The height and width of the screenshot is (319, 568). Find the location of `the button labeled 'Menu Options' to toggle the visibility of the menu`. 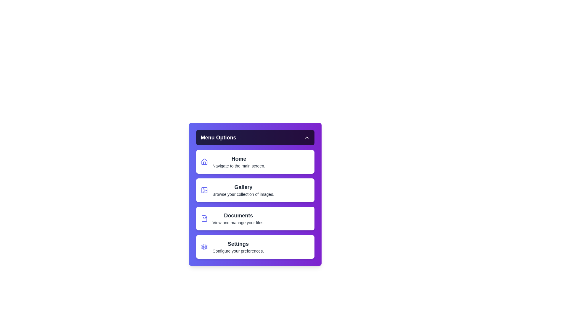

the button labeled 'Menu Options' to toggle the visibility of the menu is located at coordinates (255, 138).